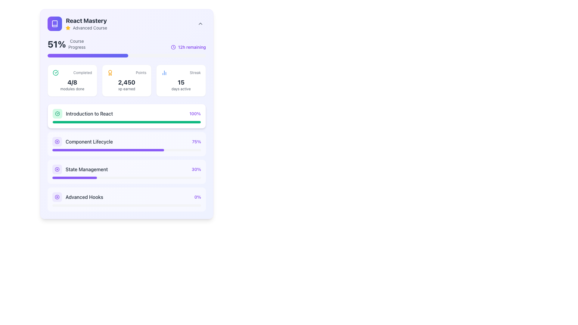 This screenshot has height=325, width=578. What do you see at coordinates (141, 73) in the screenshot?
I see `the static text label that reads 'Points', which is styled in a small gray font and located to the right of a golden award icon` at bounding box center [141, 73].